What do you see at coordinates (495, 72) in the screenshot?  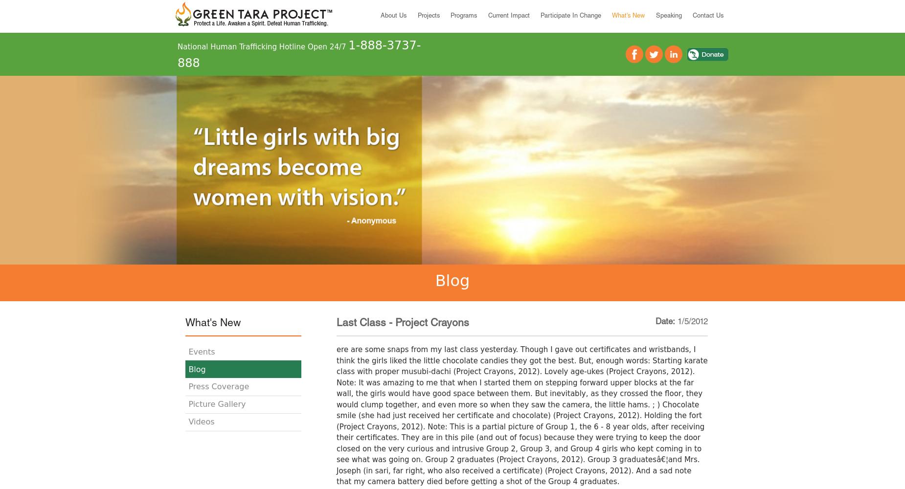 I see `'Executive Board'` at bounding box center [495, 72].